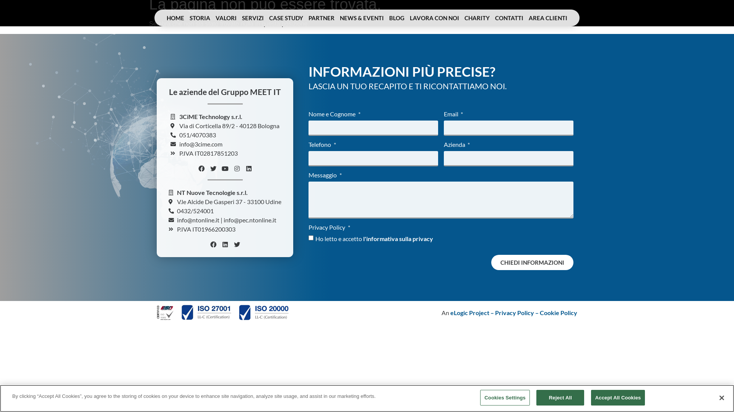 Image resolution: width=734 pixels, height=412 pixels. I want to click on 'Cookie Policy', so click(558, 312).